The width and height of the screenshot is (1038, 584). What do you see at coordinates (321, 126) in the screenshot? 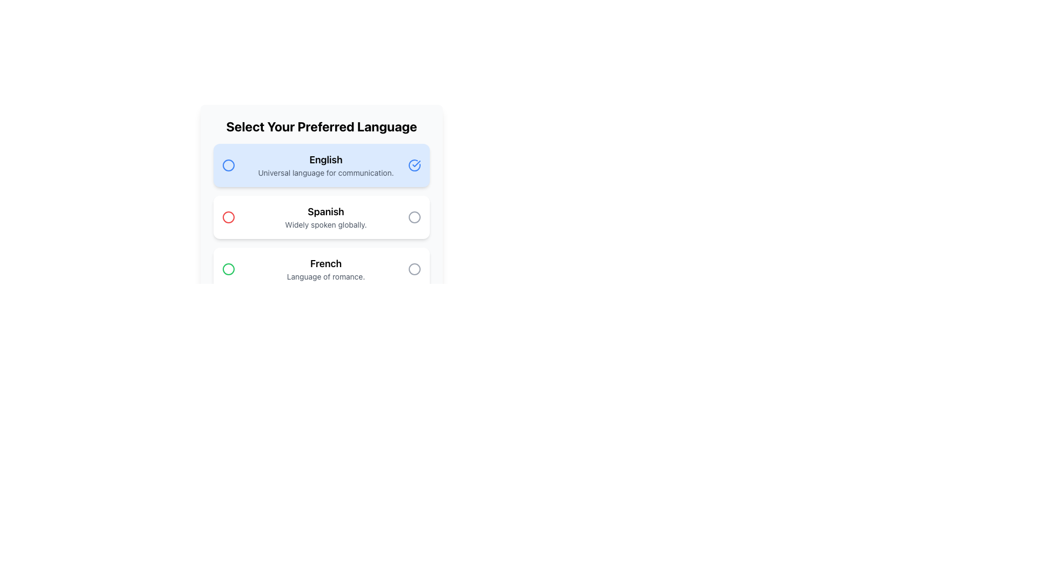
I see `the instruction from the Text Header which prompts the user to select their preferred language` at bounding box center [321, 126].